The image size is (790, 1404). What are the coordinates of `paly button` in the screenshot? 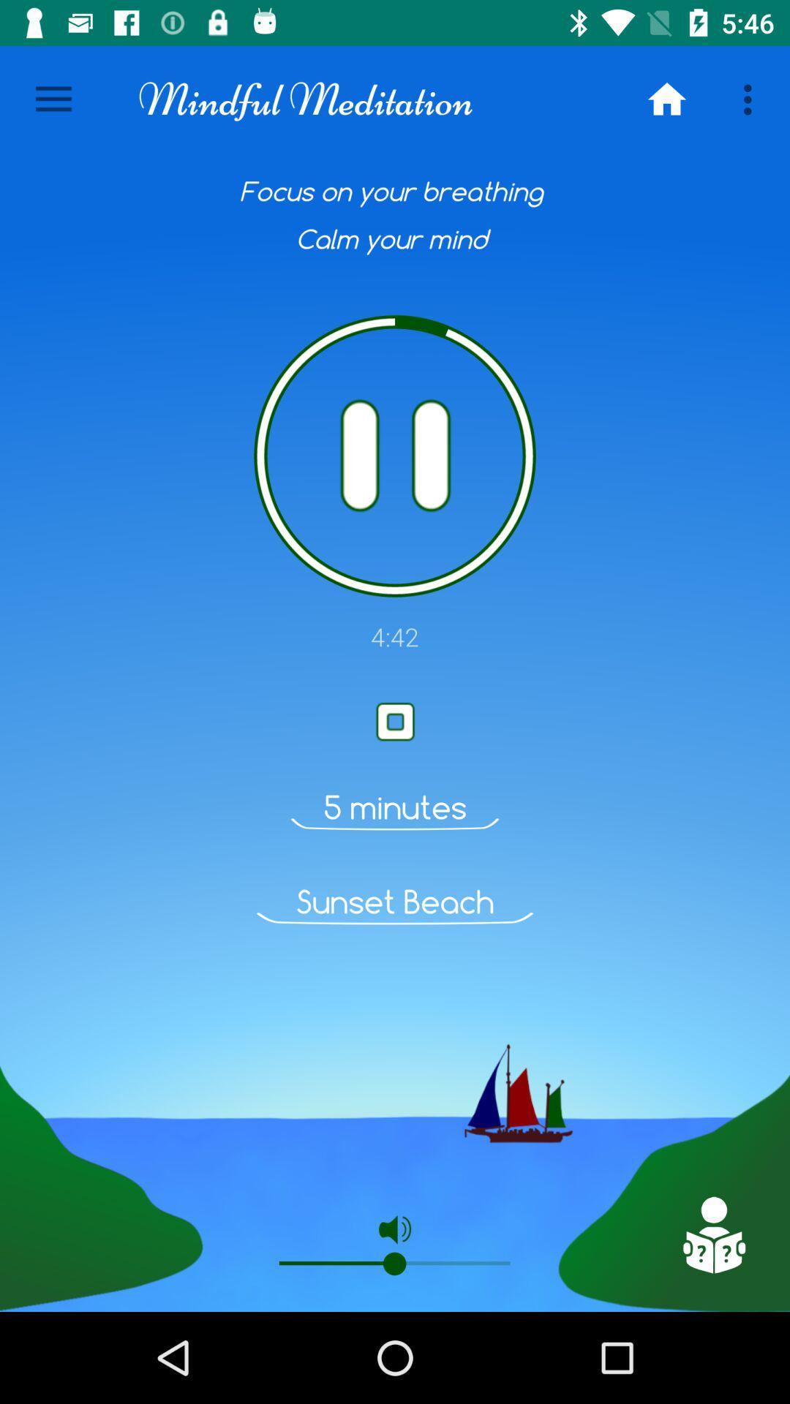 It's located at (395, 722).